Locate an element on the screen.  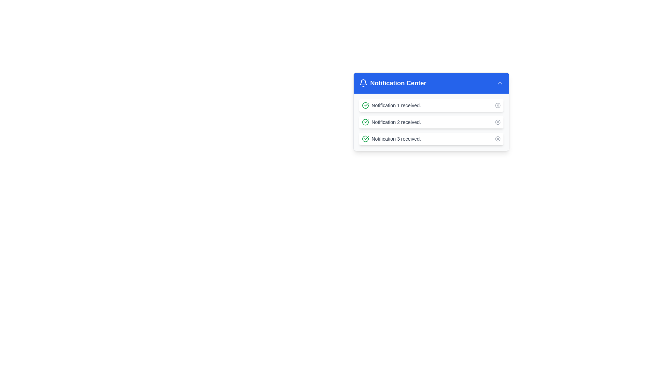
the small circular button with an 'X' mark icon located at the far right of the 'Notification 2 received.' notification item in the notification panel is located at coordinates (497, 122).